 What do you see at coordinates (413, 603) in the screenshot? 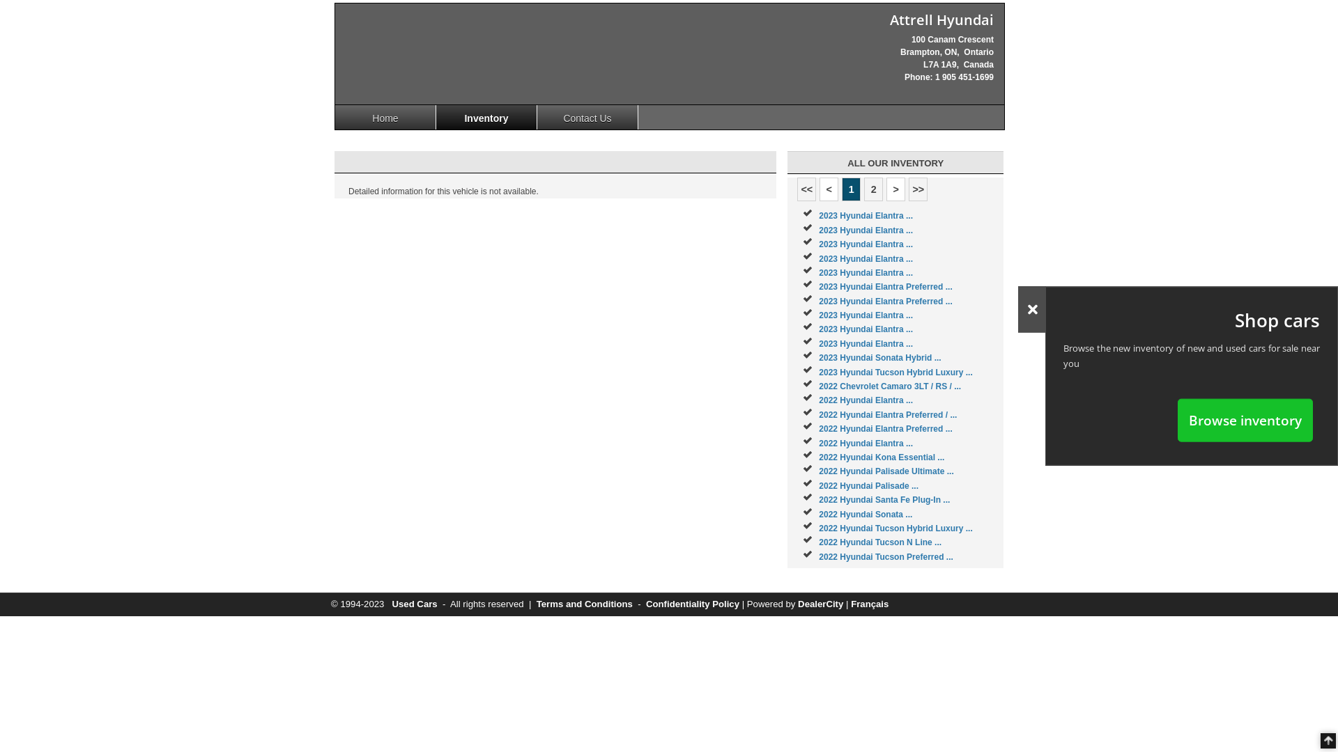
I see `'Used Cars'` at bounding box center [413, 603].